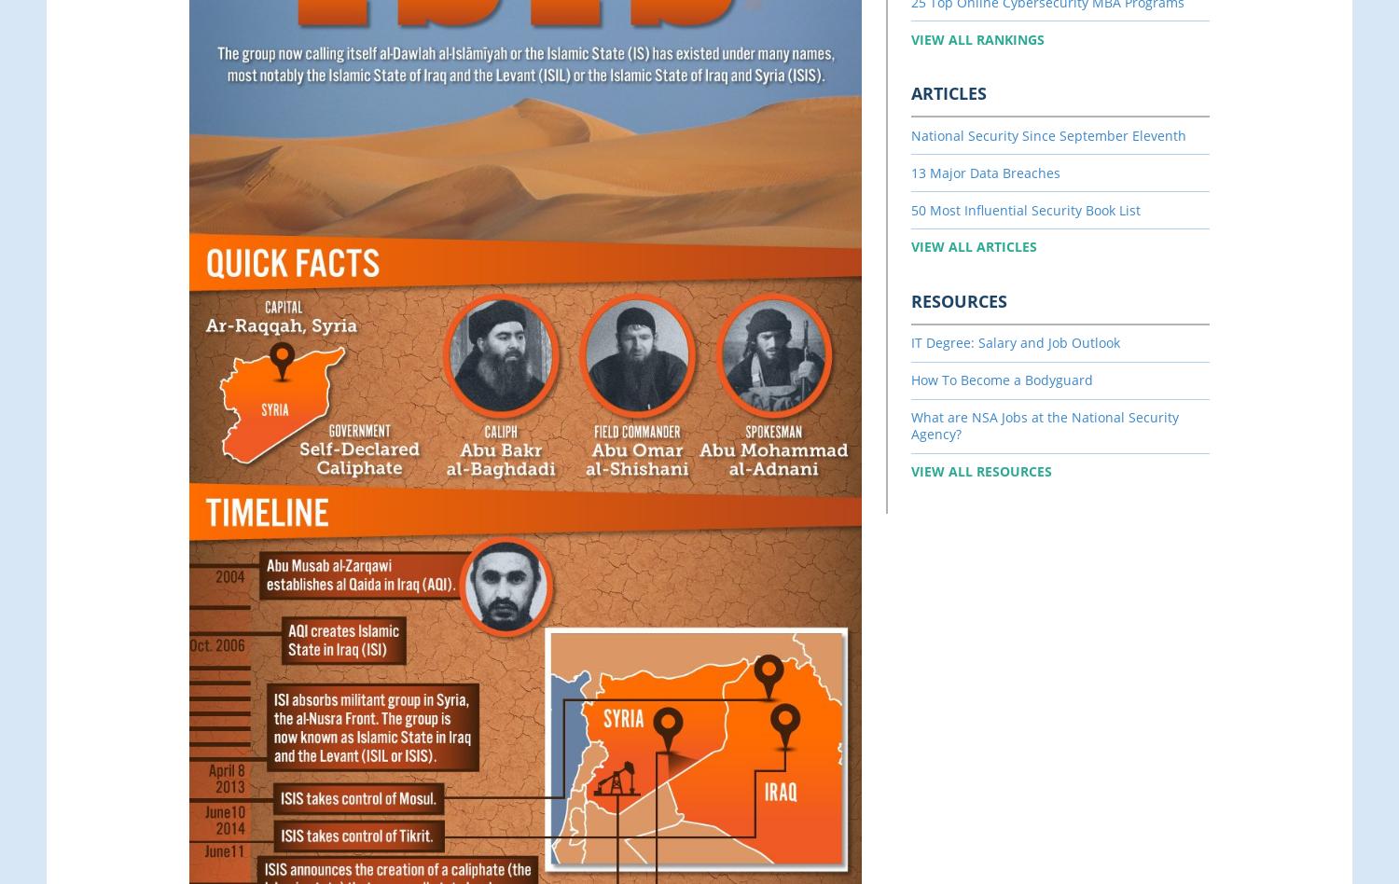 The width and height of the screenshot is (1399, 884). What do you see at coordinates (909, 471) in the screenshot?
I see `'View All Resources'` at bounding box center [909, 471].